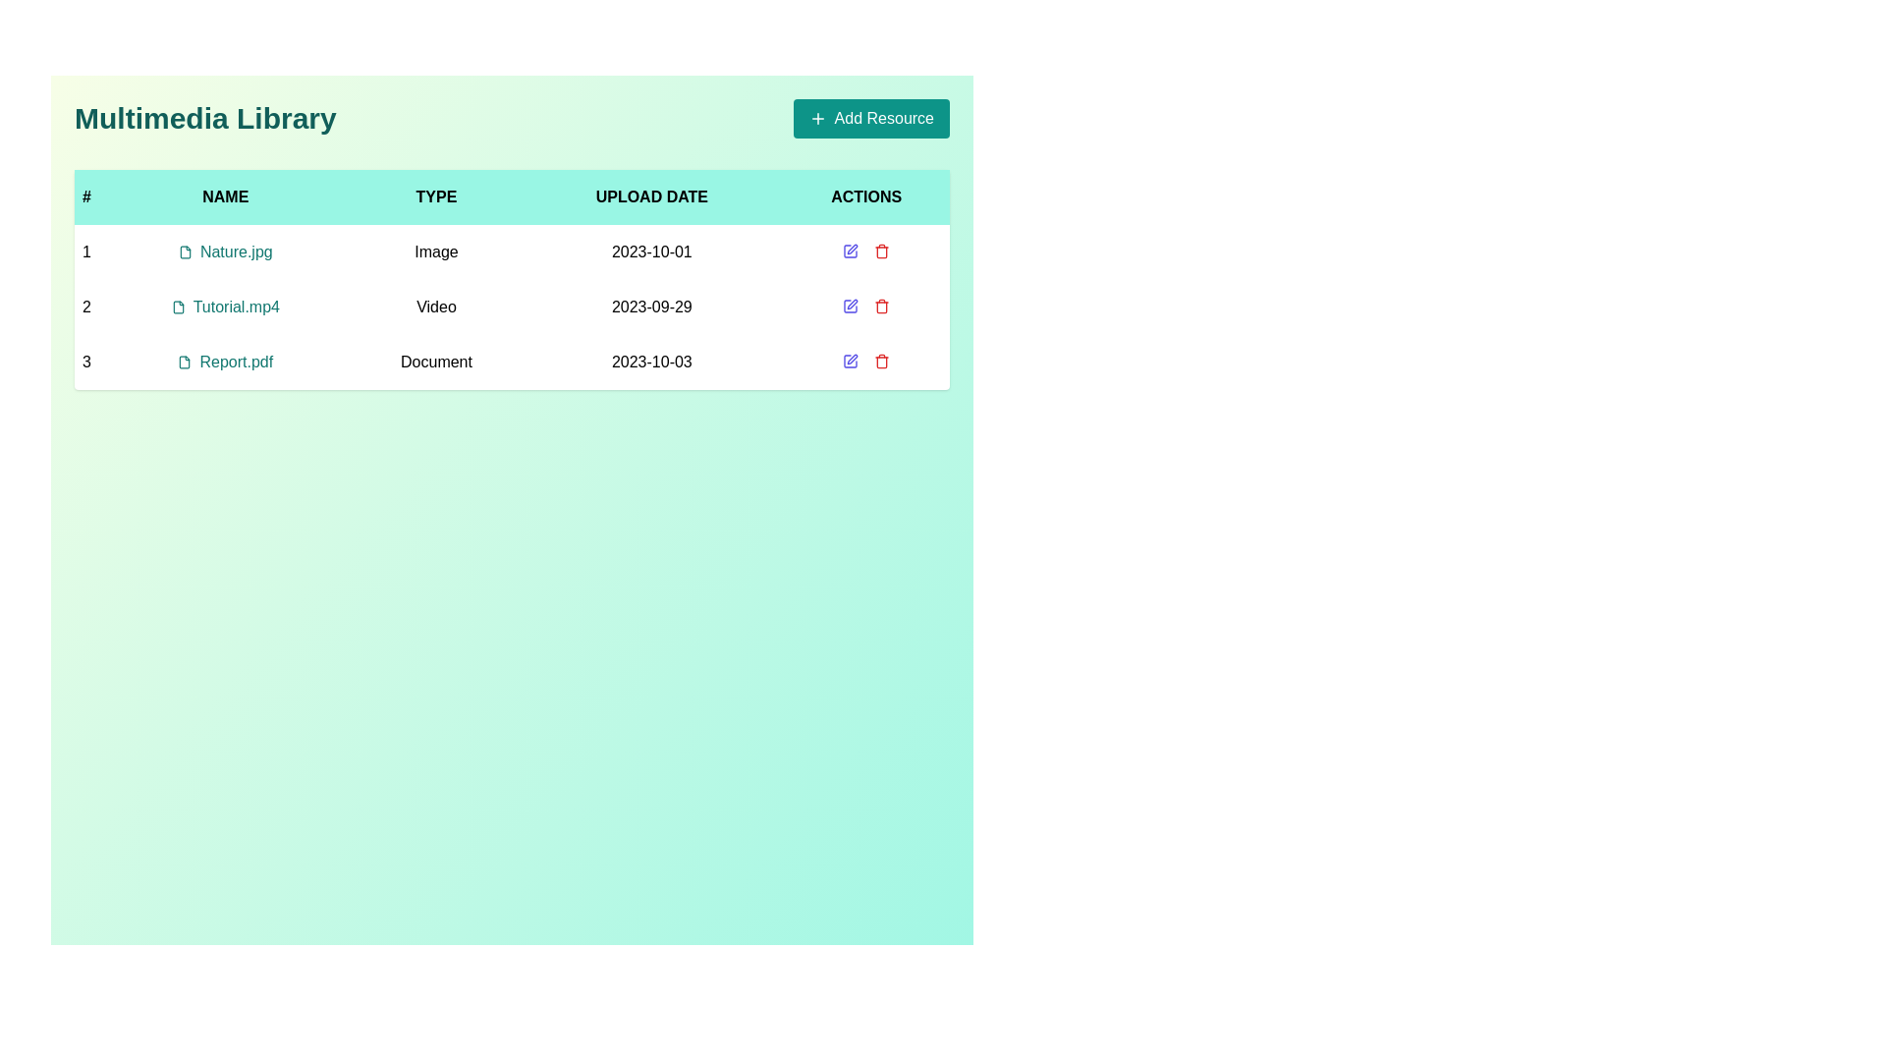  I want to click on the text label element displaying 'Video' located in the 'TYPE' column under the row labeled 'Tutorial.mp4', so click(435, 307).